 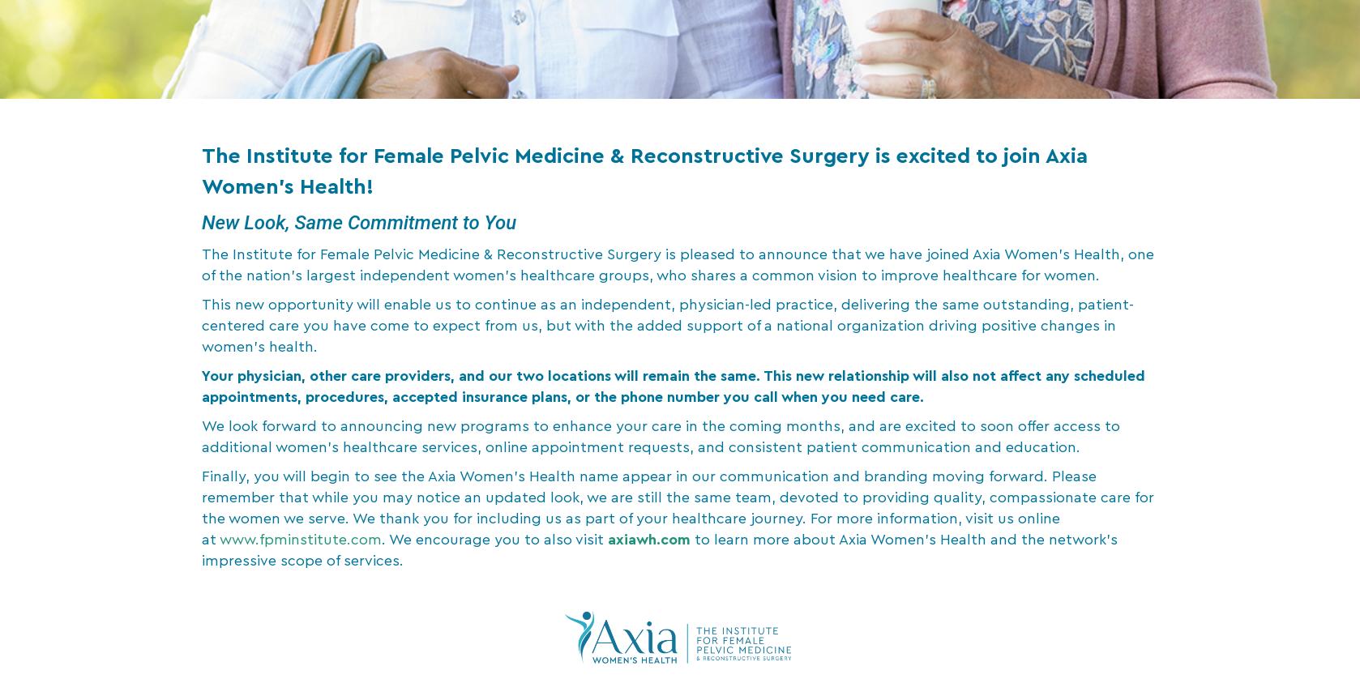 What do you see at coordinates (677, 263) in the screenshot?
I see `'The Institute for Female Pelvic Medicine & Reconstructive Surgery is pleased to announce that we have joined Axia Women’s Health, one of the nation’s largest independent women’s healthcare groups, who shares a common vision to improve healthcare for women.'` at bounding box center [677, 263].